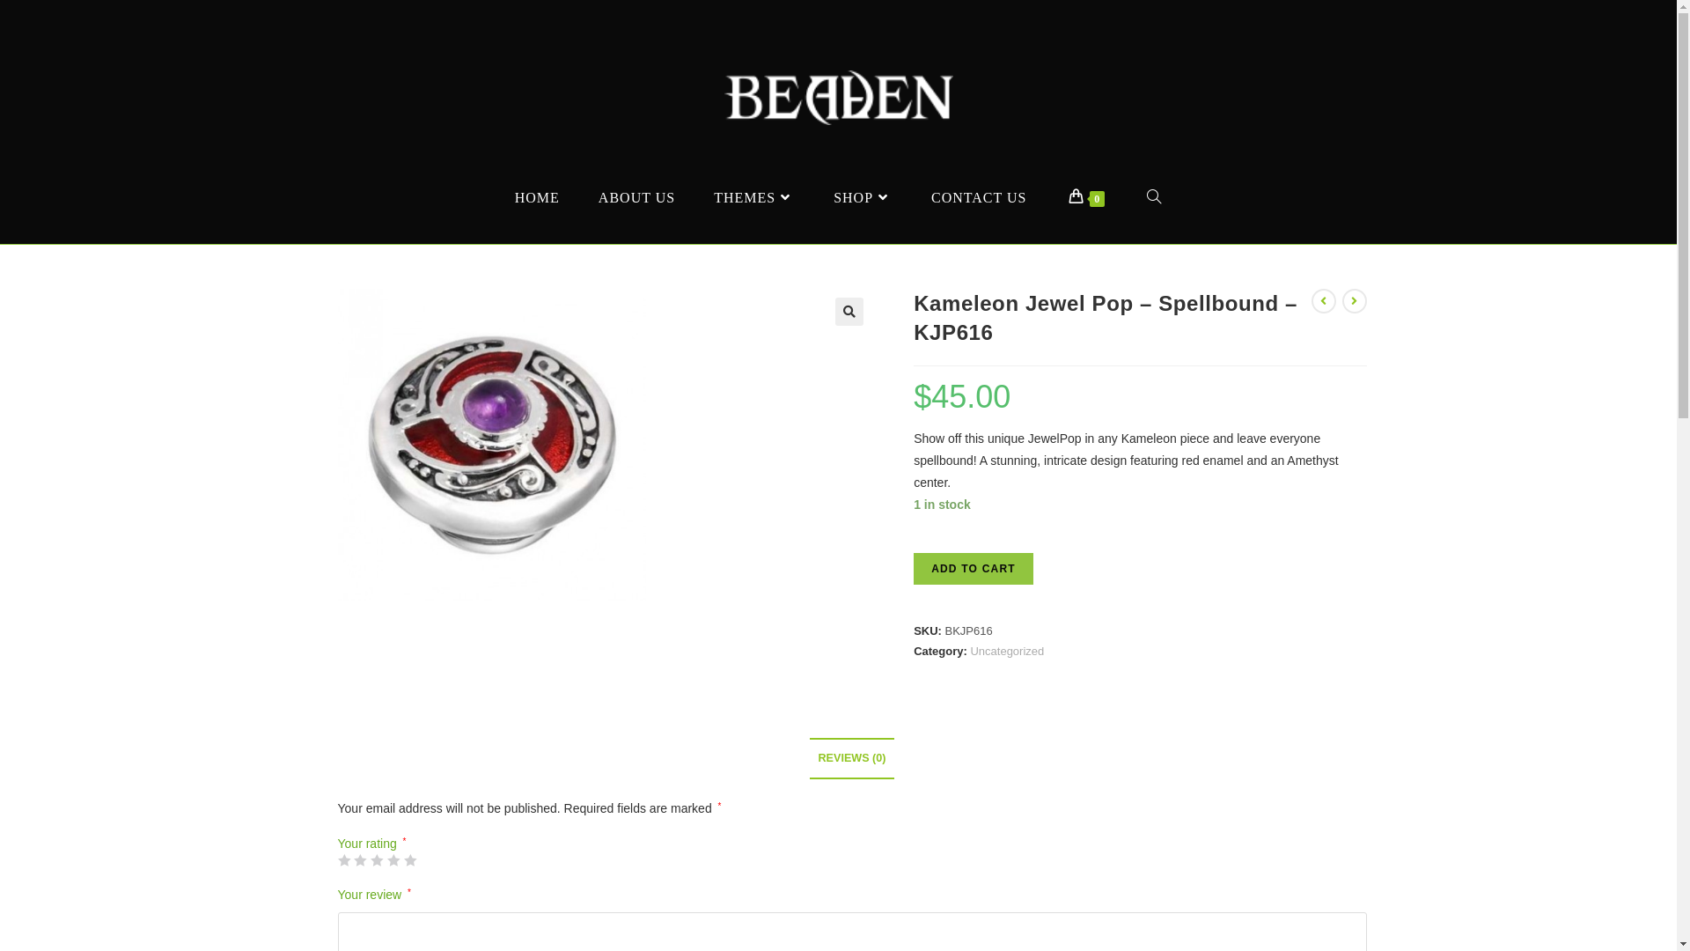  I want to click on '0', so click(1048, 197).